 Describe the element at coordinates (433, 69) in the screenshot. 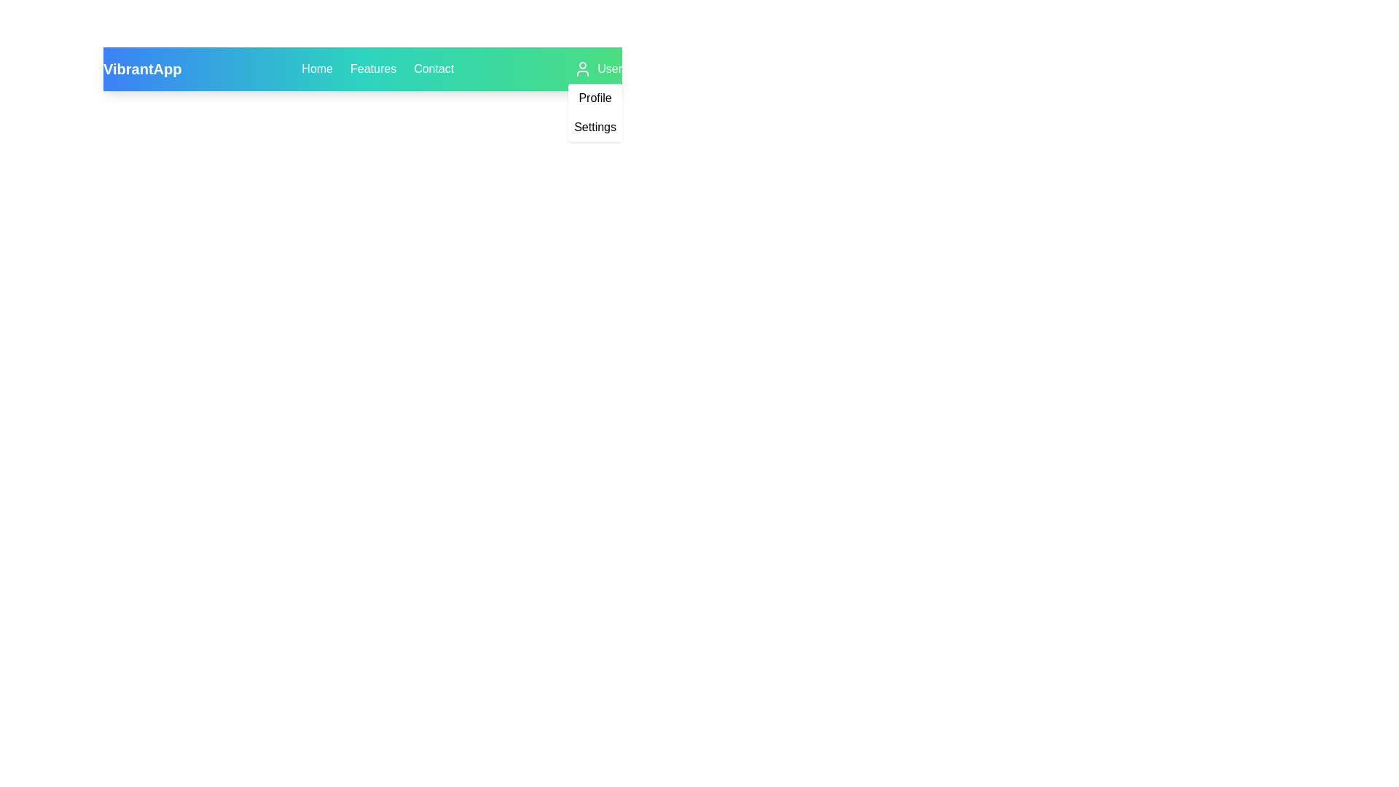

I see `the Contact to observe its hover effect` at that location.